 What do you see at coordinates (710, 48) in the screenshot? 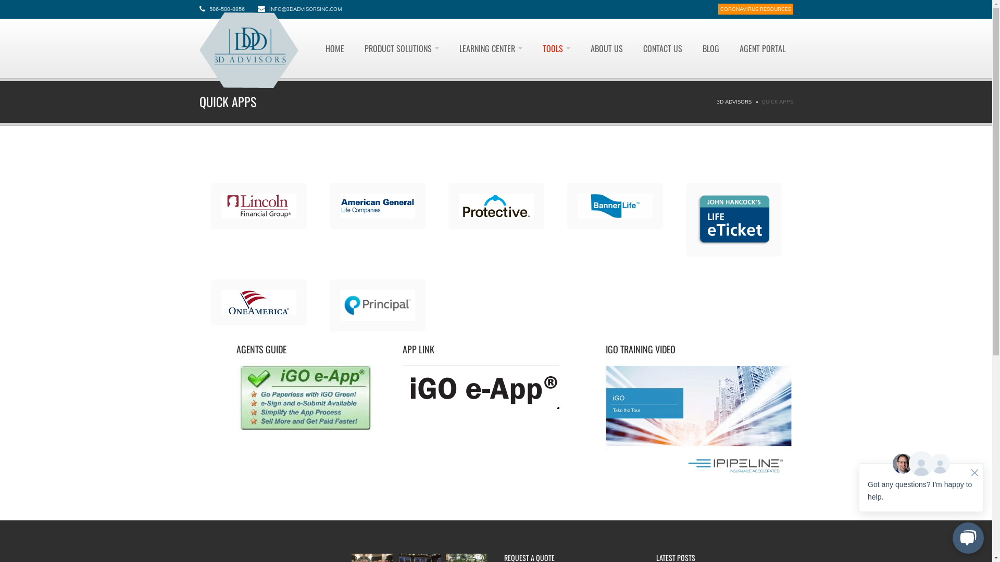
I see `'BLOG'` at bounding box center [710, 48].